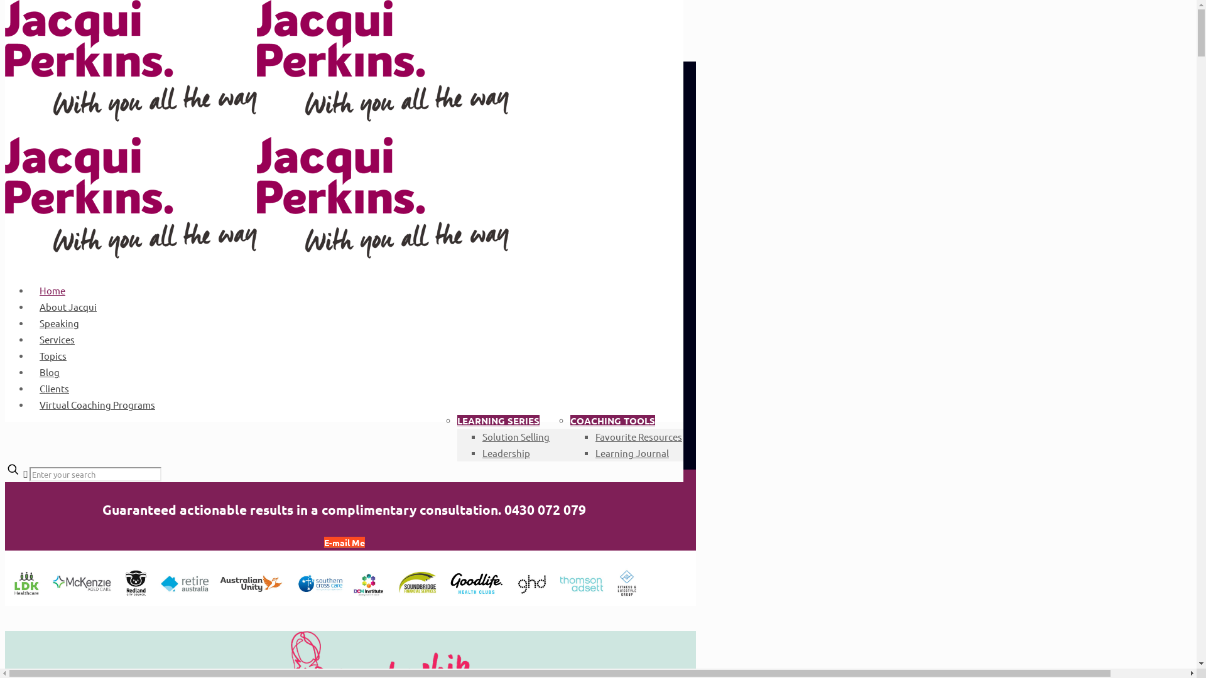 The image size is (1206, 678). Describe the element at coordinates (58, 322) in the screenshot. I see `'Speaking'` at that location.